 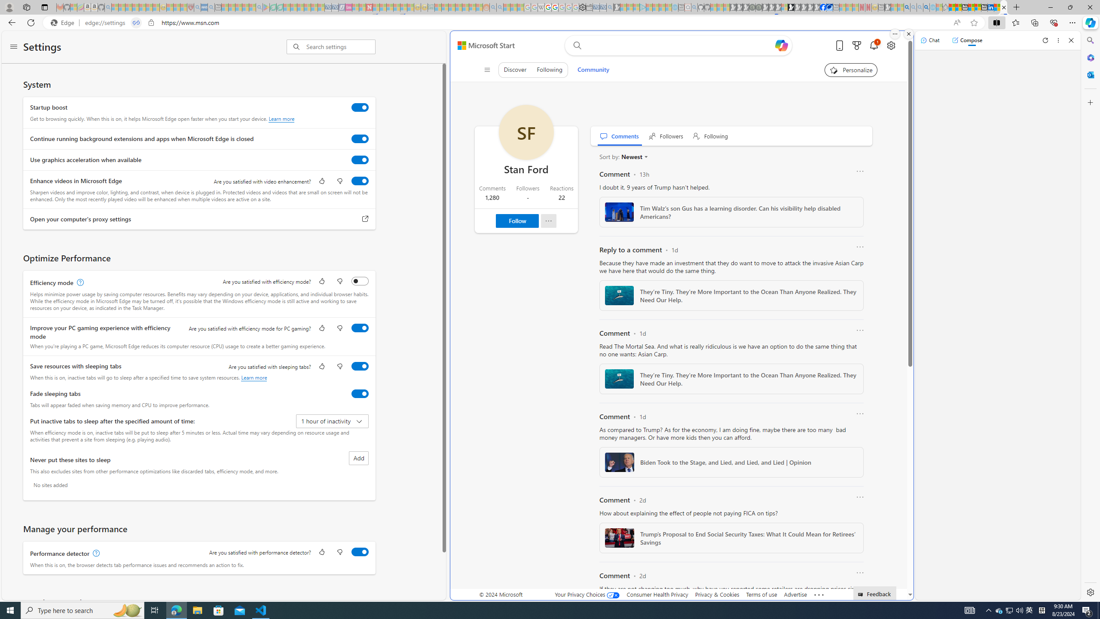 I want to click on 'Performance detector, learn more', so click(x=95, y=553).